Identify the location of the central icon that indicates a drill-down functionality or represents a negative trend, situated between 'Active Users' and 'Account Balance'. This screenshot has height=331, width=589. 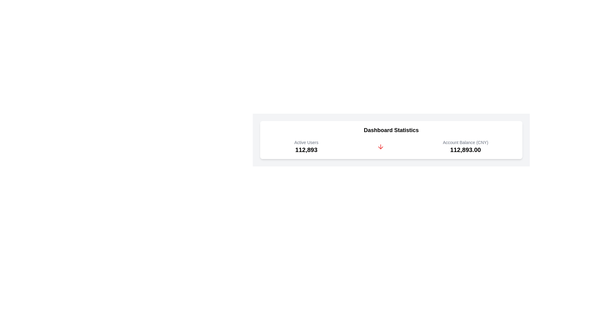
(380, 146).